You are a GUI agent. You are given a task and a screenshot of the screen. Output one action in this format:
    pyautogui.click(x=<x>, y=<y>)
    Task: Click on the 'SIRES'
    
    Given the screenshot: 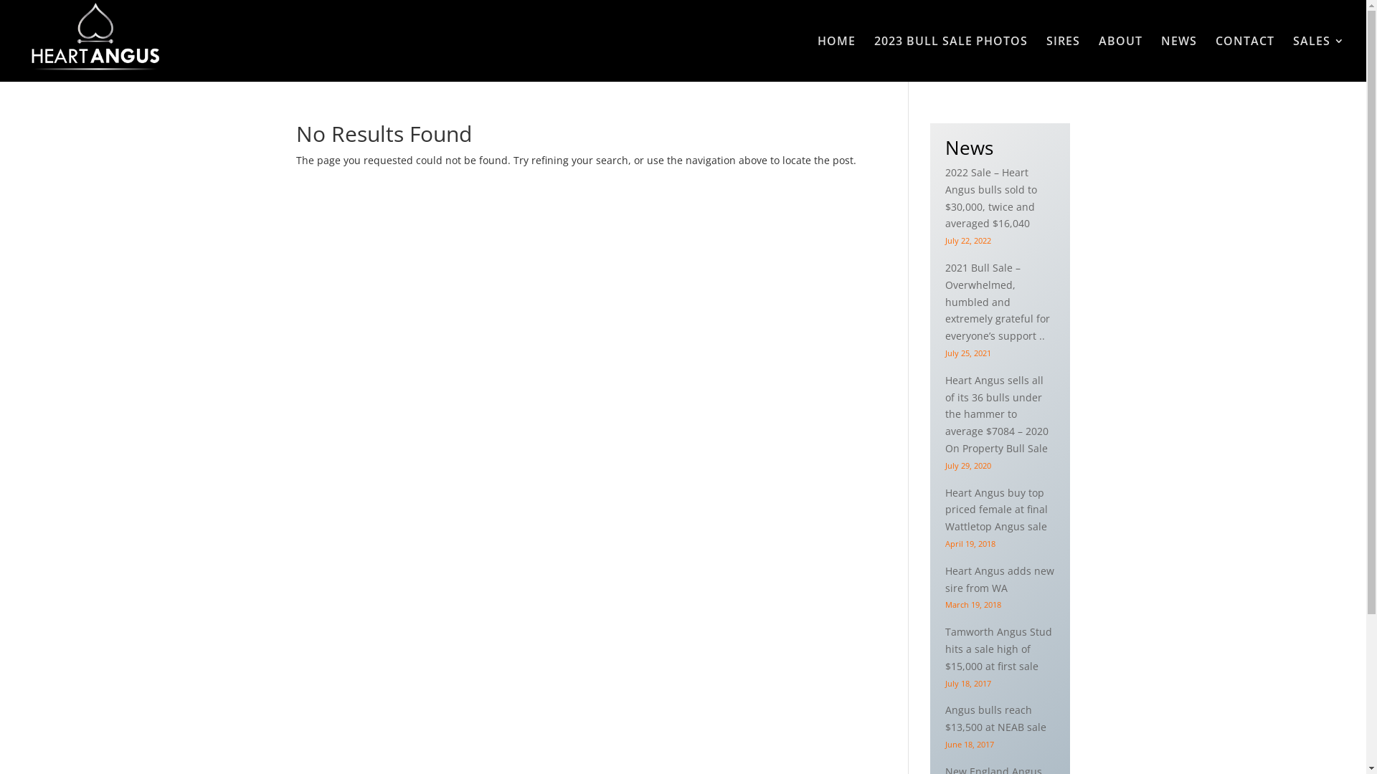 What is the action you would take?
    pyautogui.click(x=1063, y=57)
    